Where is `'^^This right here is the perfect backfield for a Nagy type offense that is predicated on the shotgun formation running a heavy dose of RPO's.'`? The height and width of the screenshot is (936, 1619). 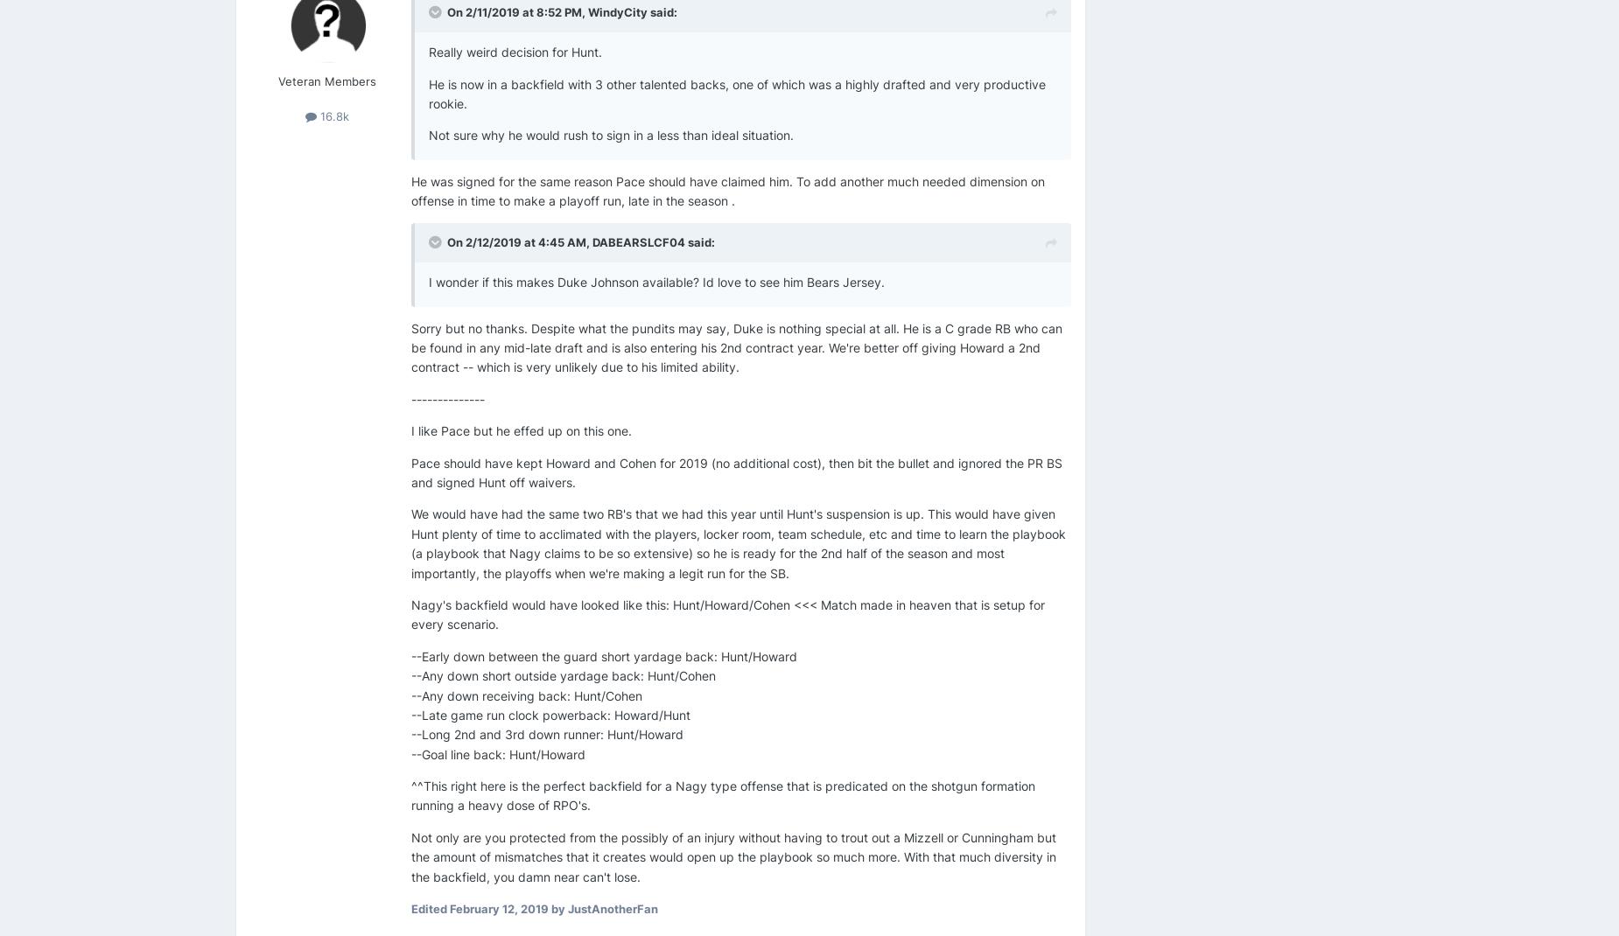 '^^This right here is the perfect backfield for a Nagy type offense that is predicated on the shotgun formation running a heavy dose of RPO's.' is located at coordinates (411, 794).